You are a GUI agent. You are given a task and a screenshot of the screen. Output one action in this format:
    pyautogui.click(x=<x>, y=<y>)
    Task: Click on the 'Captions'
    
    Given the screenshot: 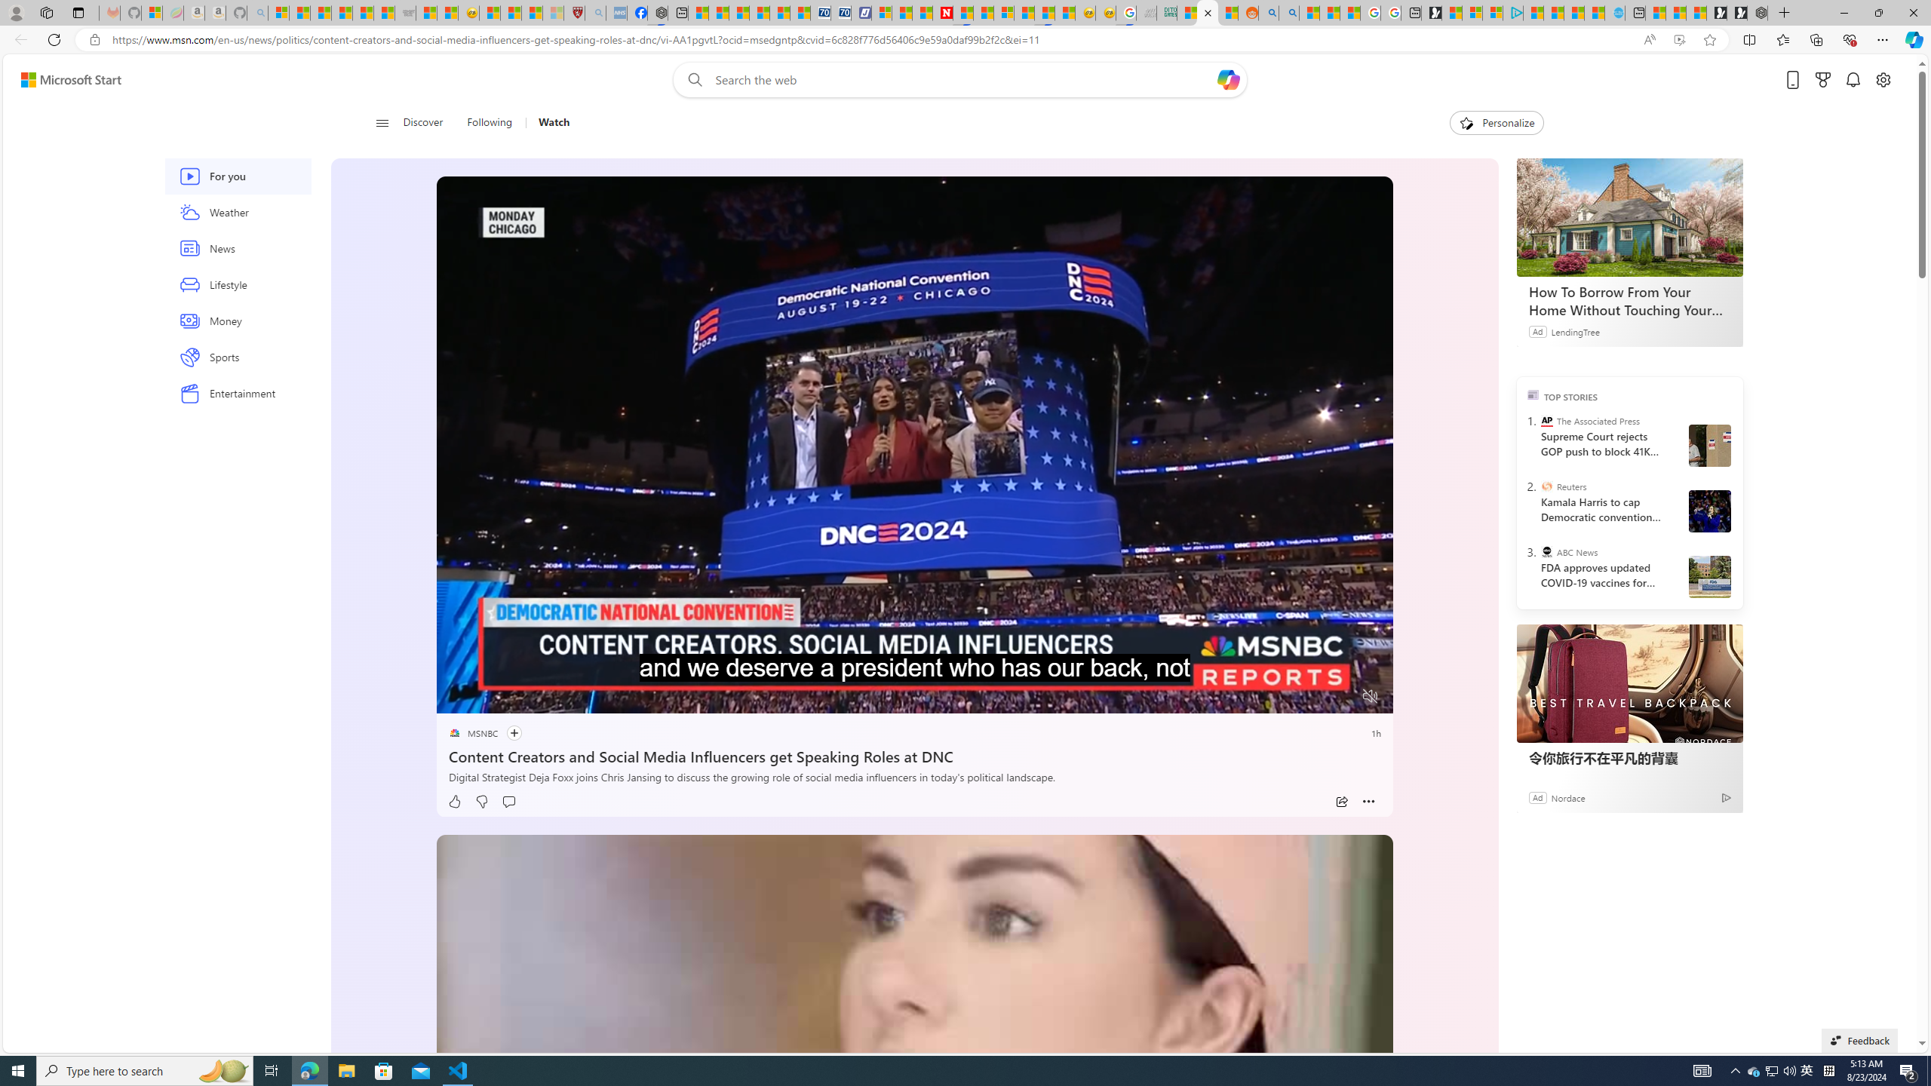 What is the action you would take?
    pyautogui.click(x=1310, y=696)
    